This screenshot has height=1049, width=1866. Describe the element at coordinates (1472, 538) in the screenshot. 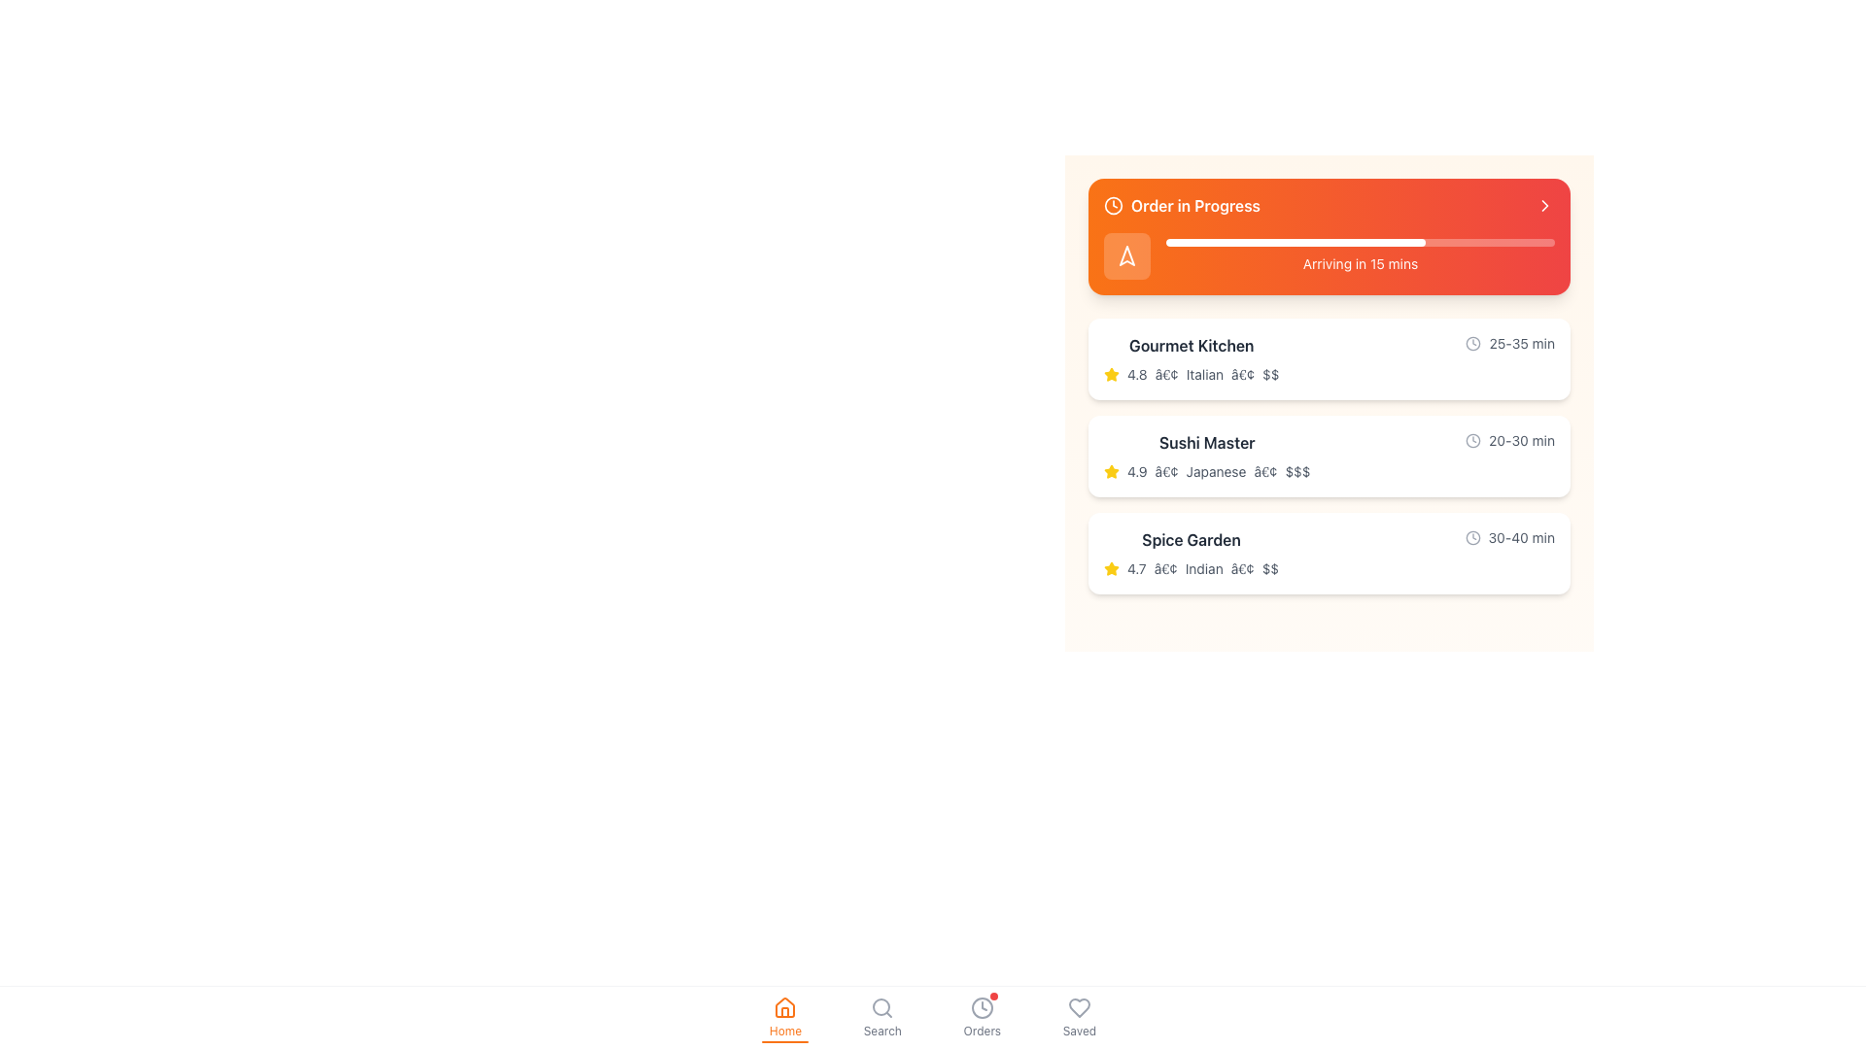

I see `the small circular gray clock icon located adjacent to the text '30-40 min' for the 'Spice Garden' entry in the list of options` at that location.